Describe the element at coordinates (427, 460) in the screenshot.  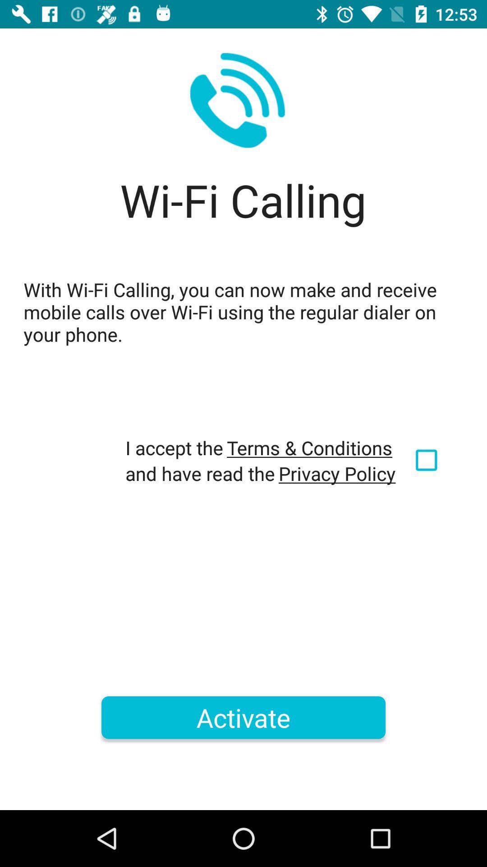
I see `item below the with wi fi icon` at that location.